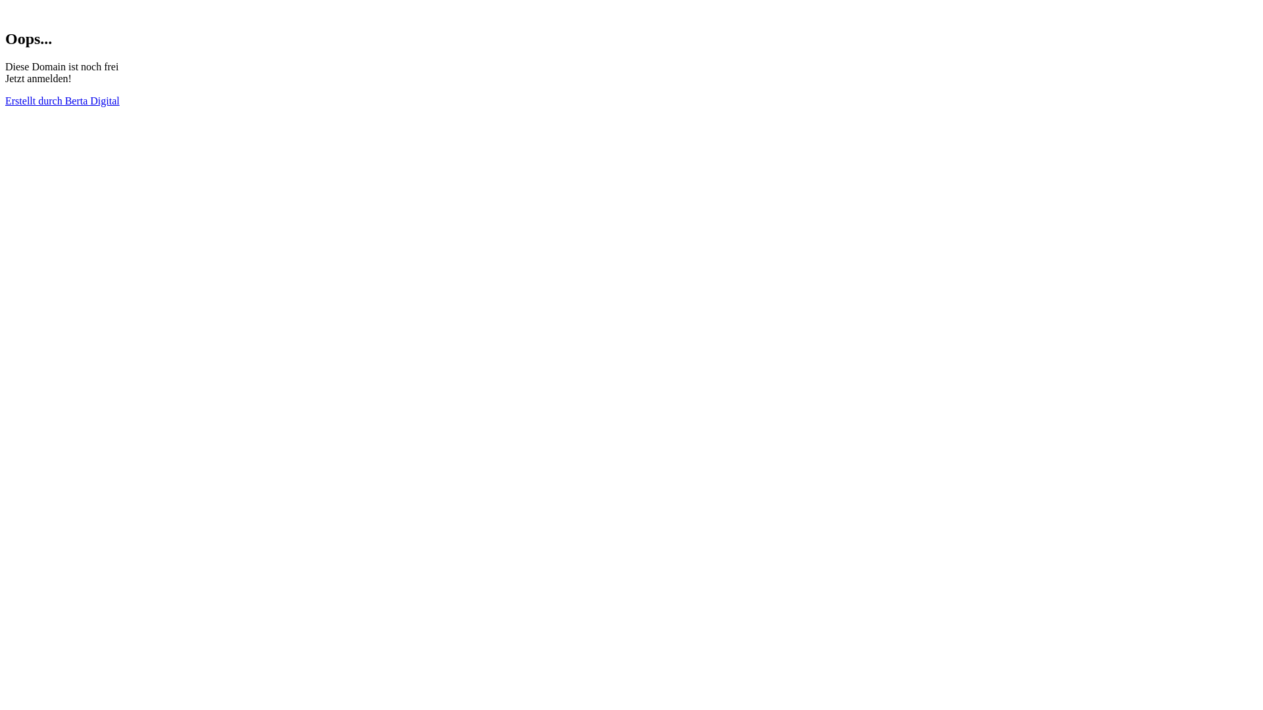  Describe the element at coordinates (62, 100) in the screenshot. I see `'Erstellt durch Berta Digital'` at that location.